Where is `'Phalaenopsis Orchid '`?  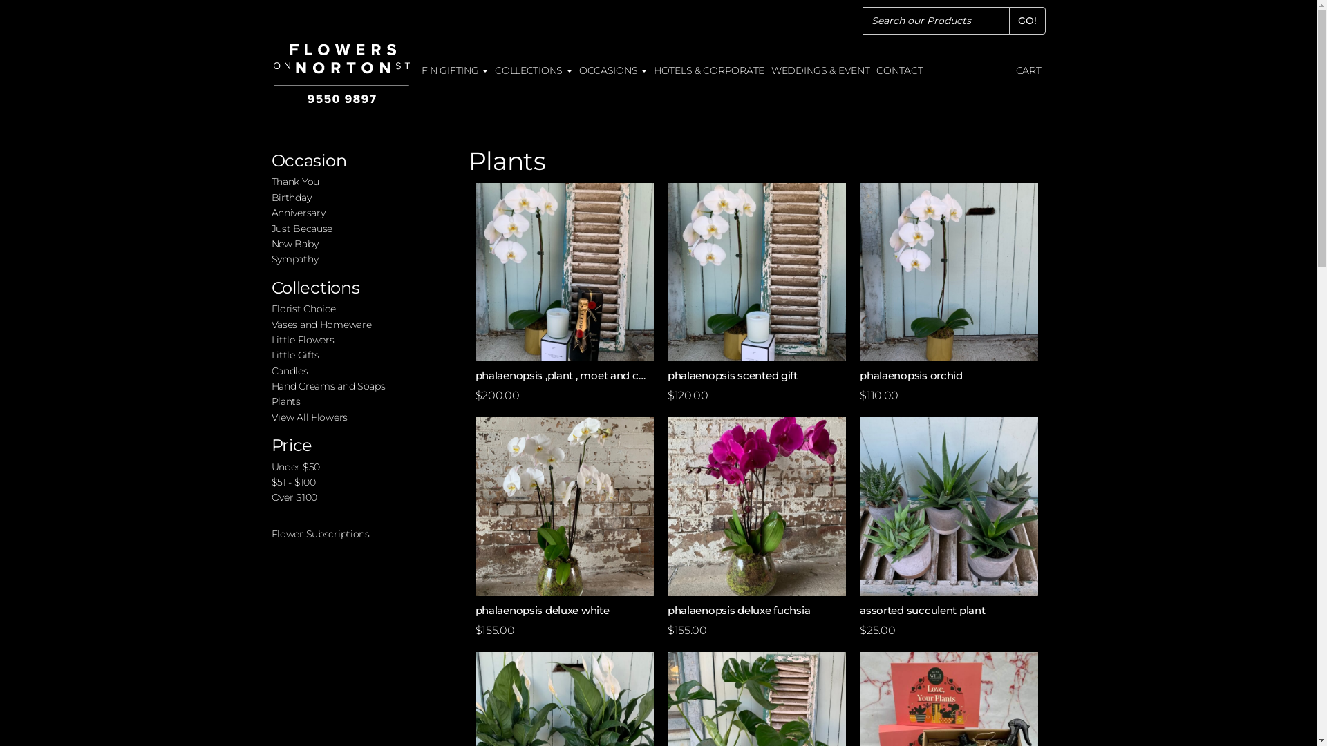 'Phalaenopsis Orchid ' is located at coordinates (948, 271).